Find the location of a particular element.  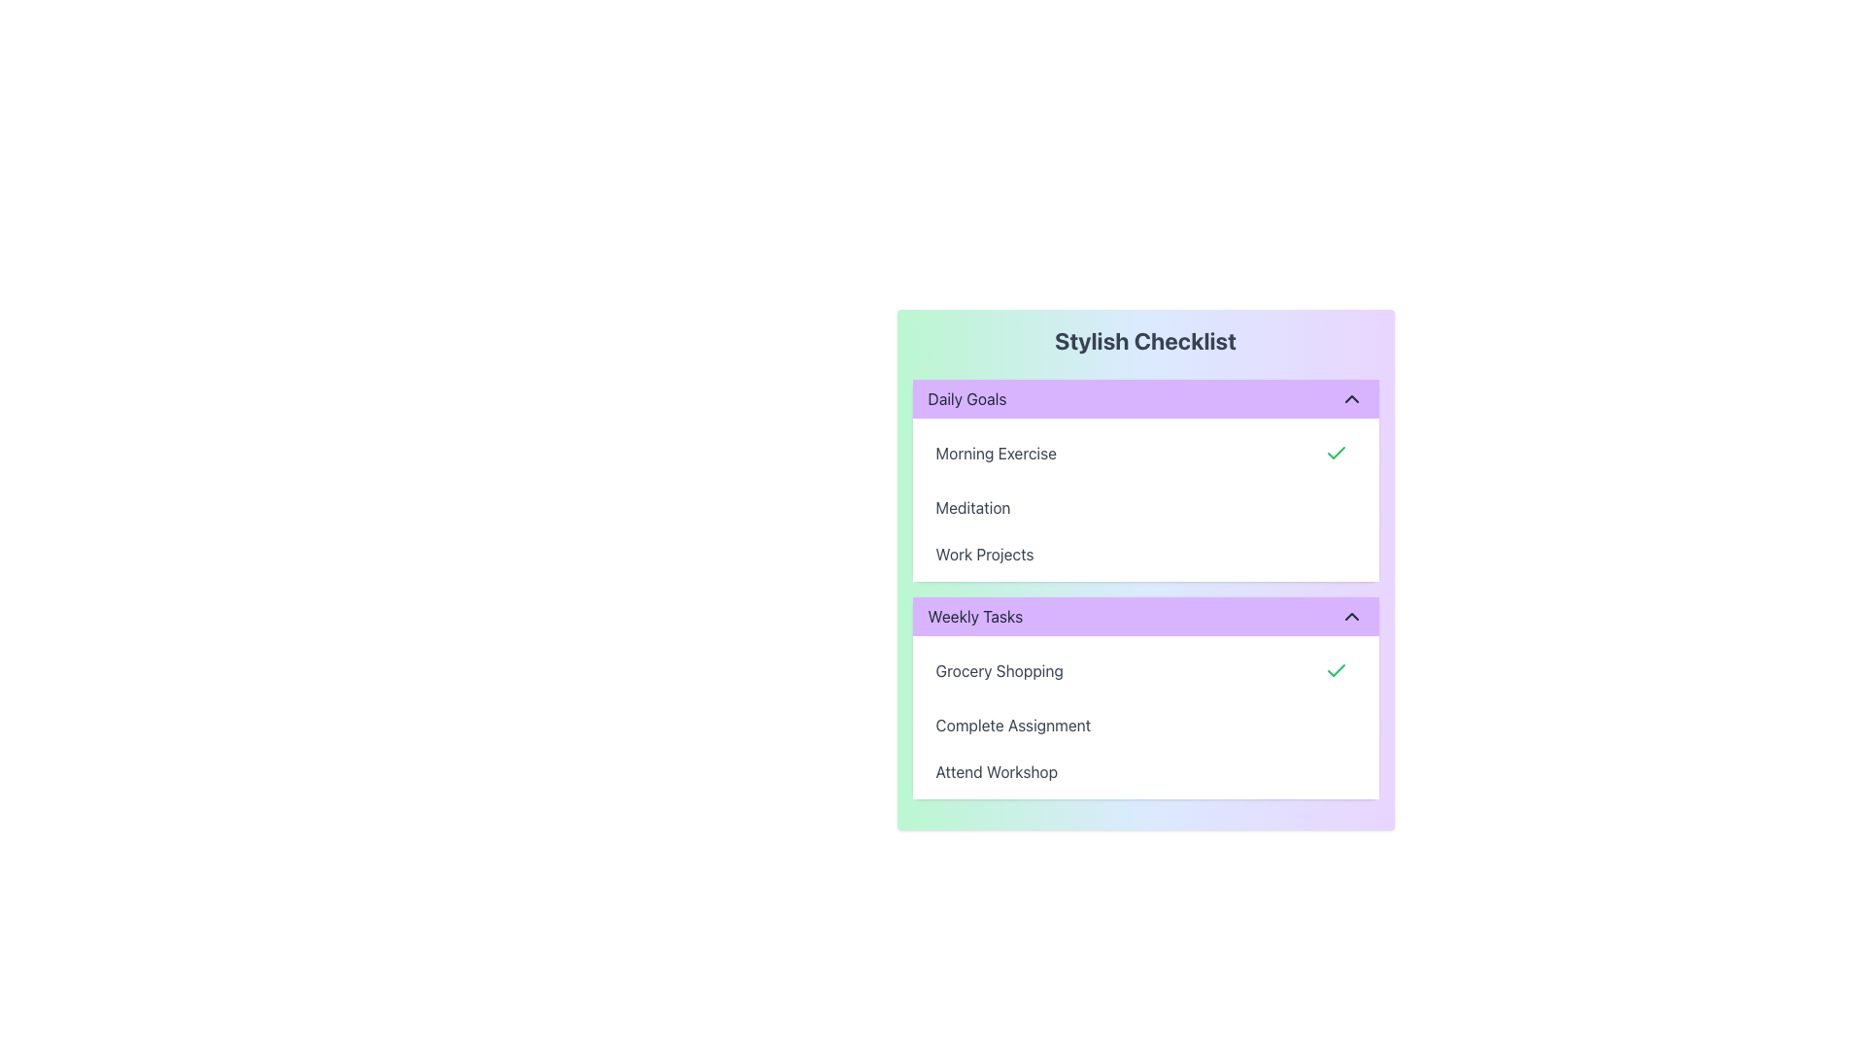

the status indicator of the checklist item labeled 'Grocery Shopping', which is the first item under the 'Weekly Tasks' section in the 'Stylish Checklist' is located at coordinates (1145, 669).